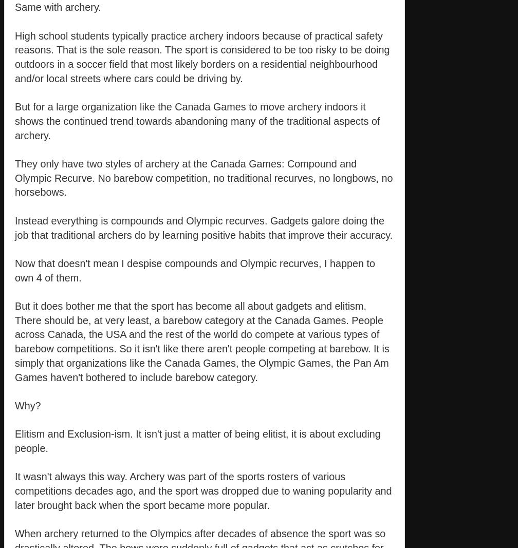  What do you see at coordinates (58, 6) in the screenshot?
I see `'Same with archery.'` at bounding box center [58, 6].